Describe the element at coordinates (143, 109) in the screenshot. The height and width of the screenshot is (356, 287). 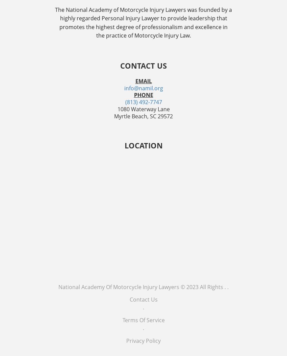
I see `'1080 Waterway Lane'` at that location.